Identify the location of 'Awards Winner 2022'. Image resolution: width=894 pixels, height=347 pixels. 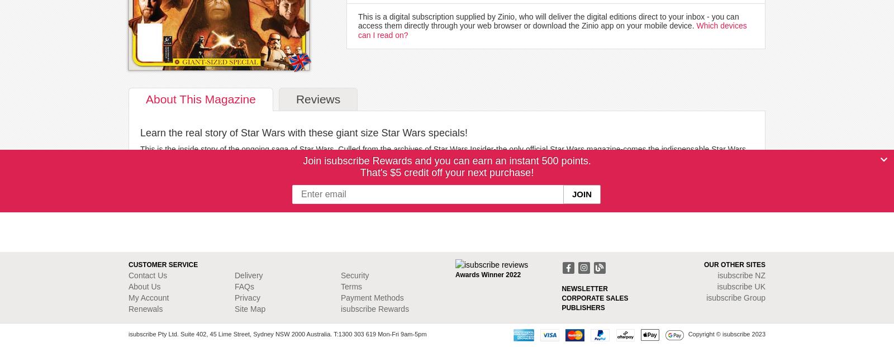
(487, 275).